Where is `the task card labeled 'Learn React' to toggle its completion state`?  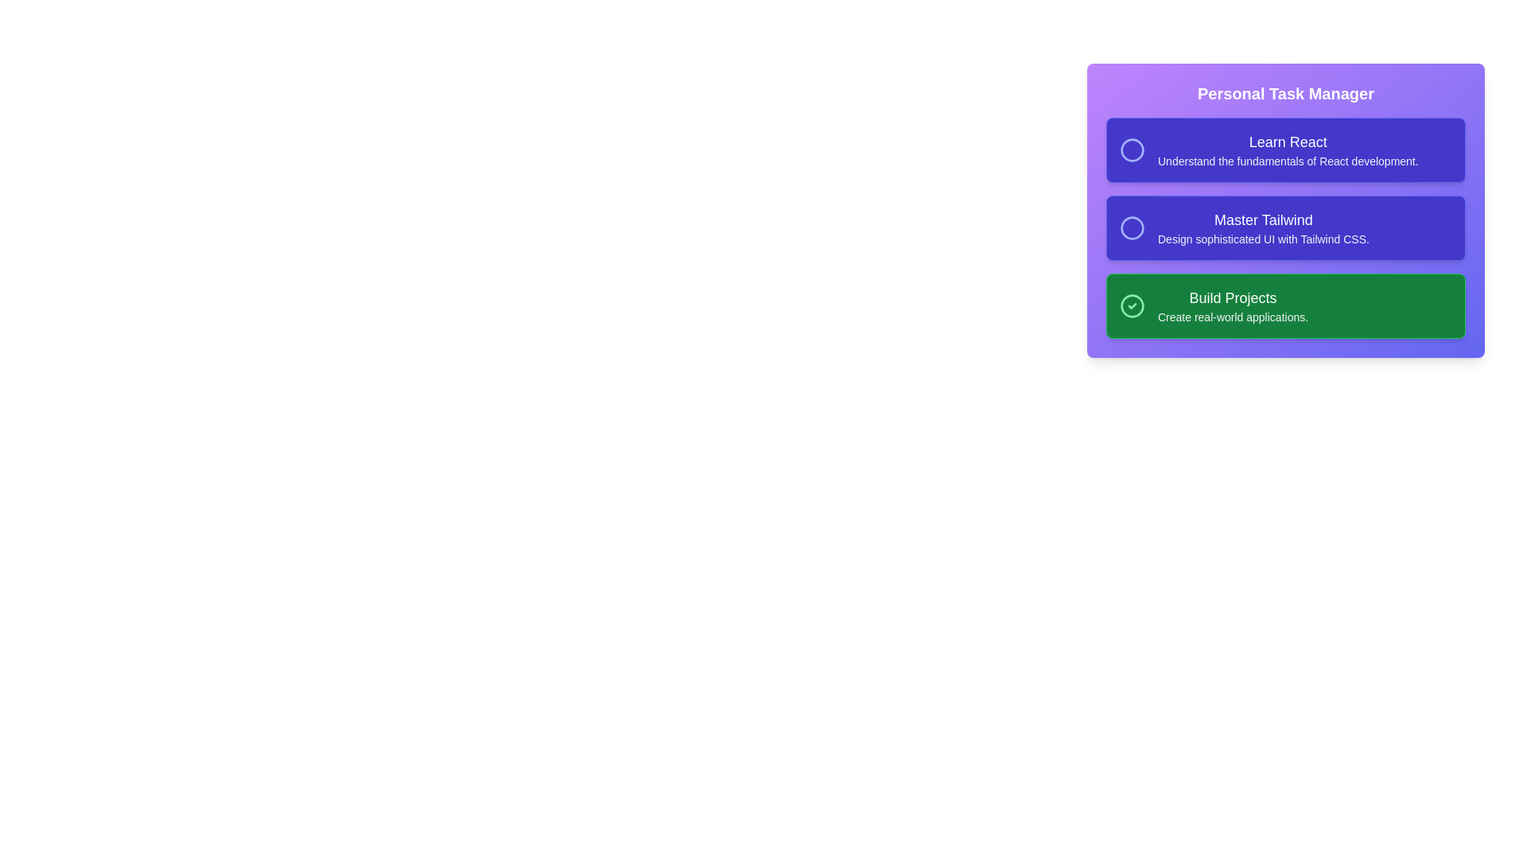 the task card labeled 'Learn React' to toggle its completion state is located at coordinates (1286, 150).